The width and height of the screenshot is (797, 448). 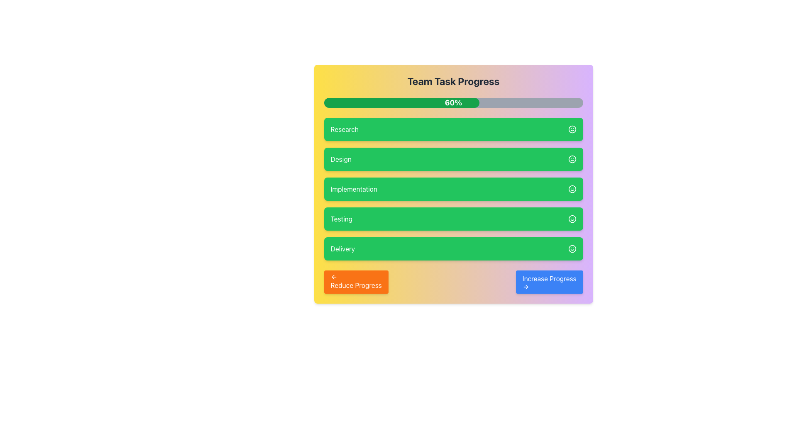 What do you see at coordinates (453, 129) in the screenshot?
I see `the 'Research' button` at bounding box center [453, 129].